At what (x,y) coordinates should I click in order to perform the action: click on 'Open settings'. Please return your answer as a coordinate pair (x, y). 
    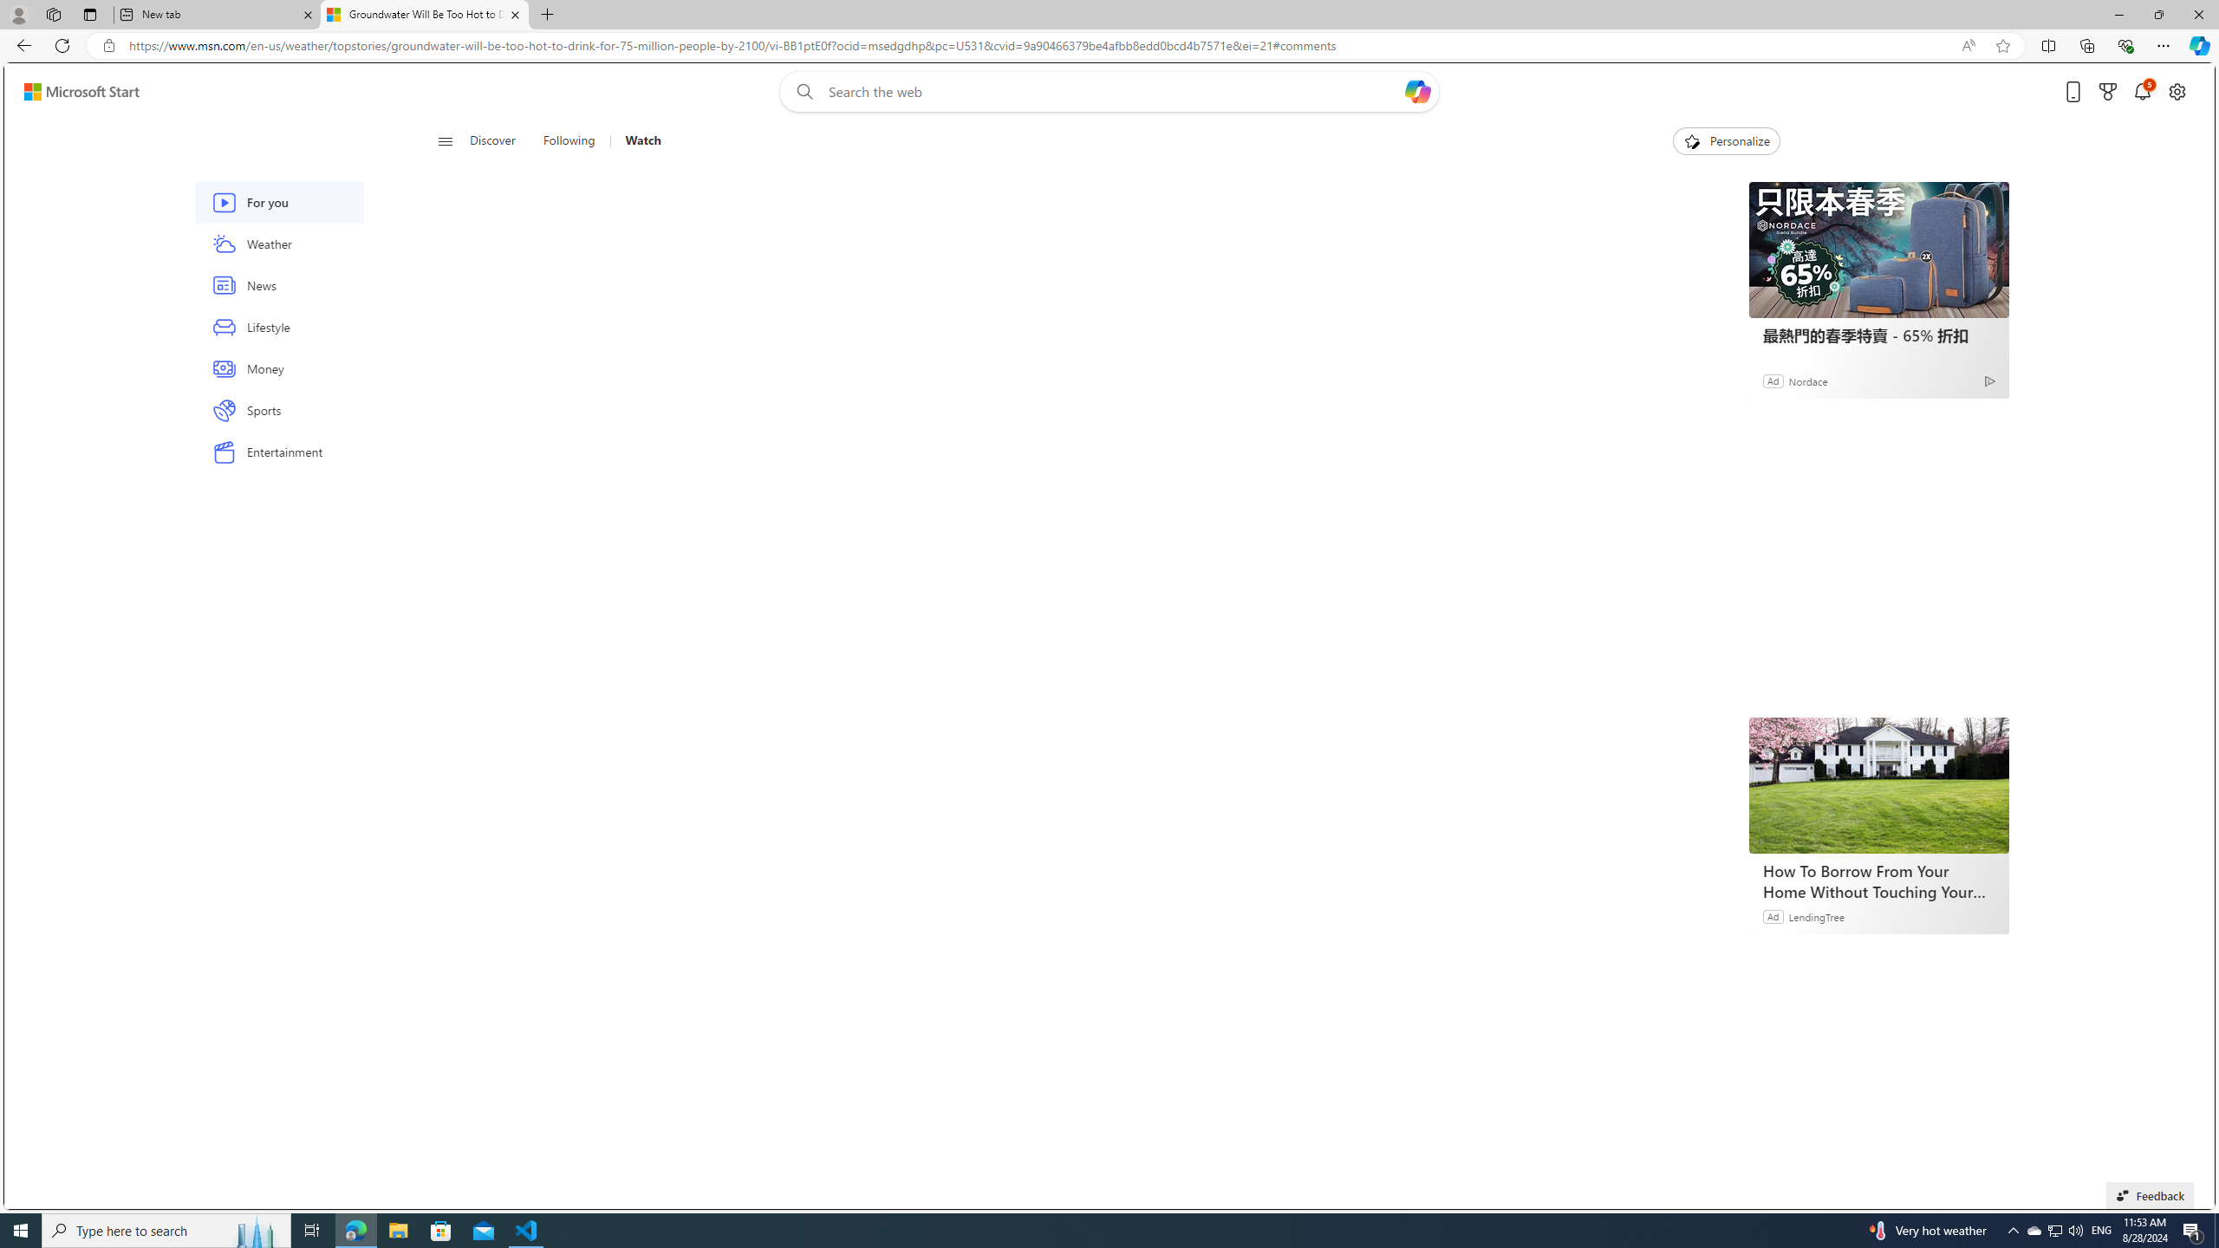
    Looking at the image, I should click on (2177, 92).